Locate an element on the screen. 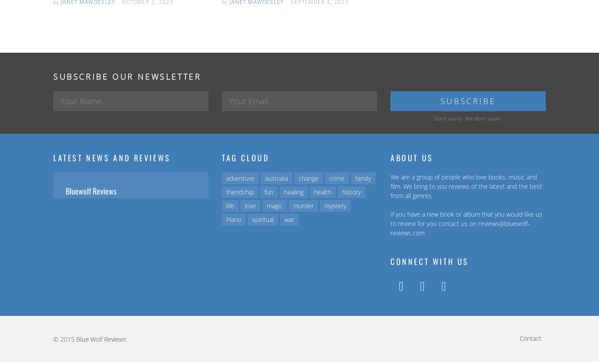 Image resolution: width=599 pixels, height=362 pixels. 'Tag Cloud' is located at coordinates (244, 157).